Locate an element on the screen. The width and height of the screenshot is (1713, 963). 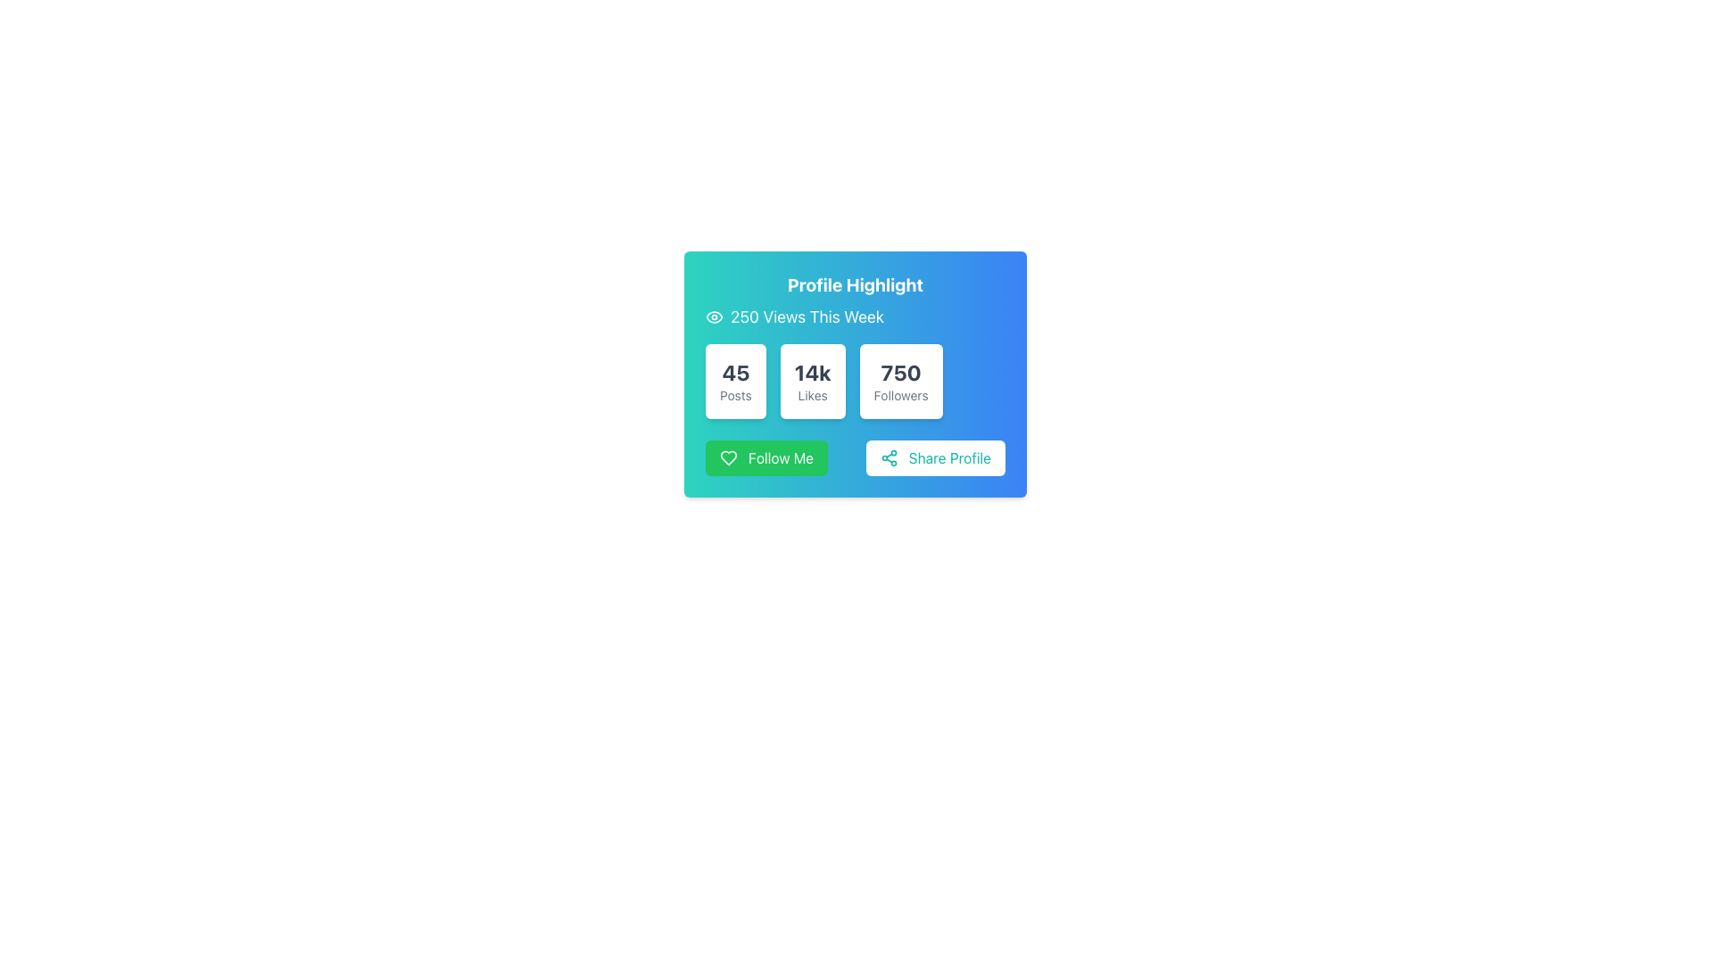
the 'Followers' label that provides context for the number '750' in the Profile Highlight section, located beneath the bold '750' text is located at coordinates (901, 394).